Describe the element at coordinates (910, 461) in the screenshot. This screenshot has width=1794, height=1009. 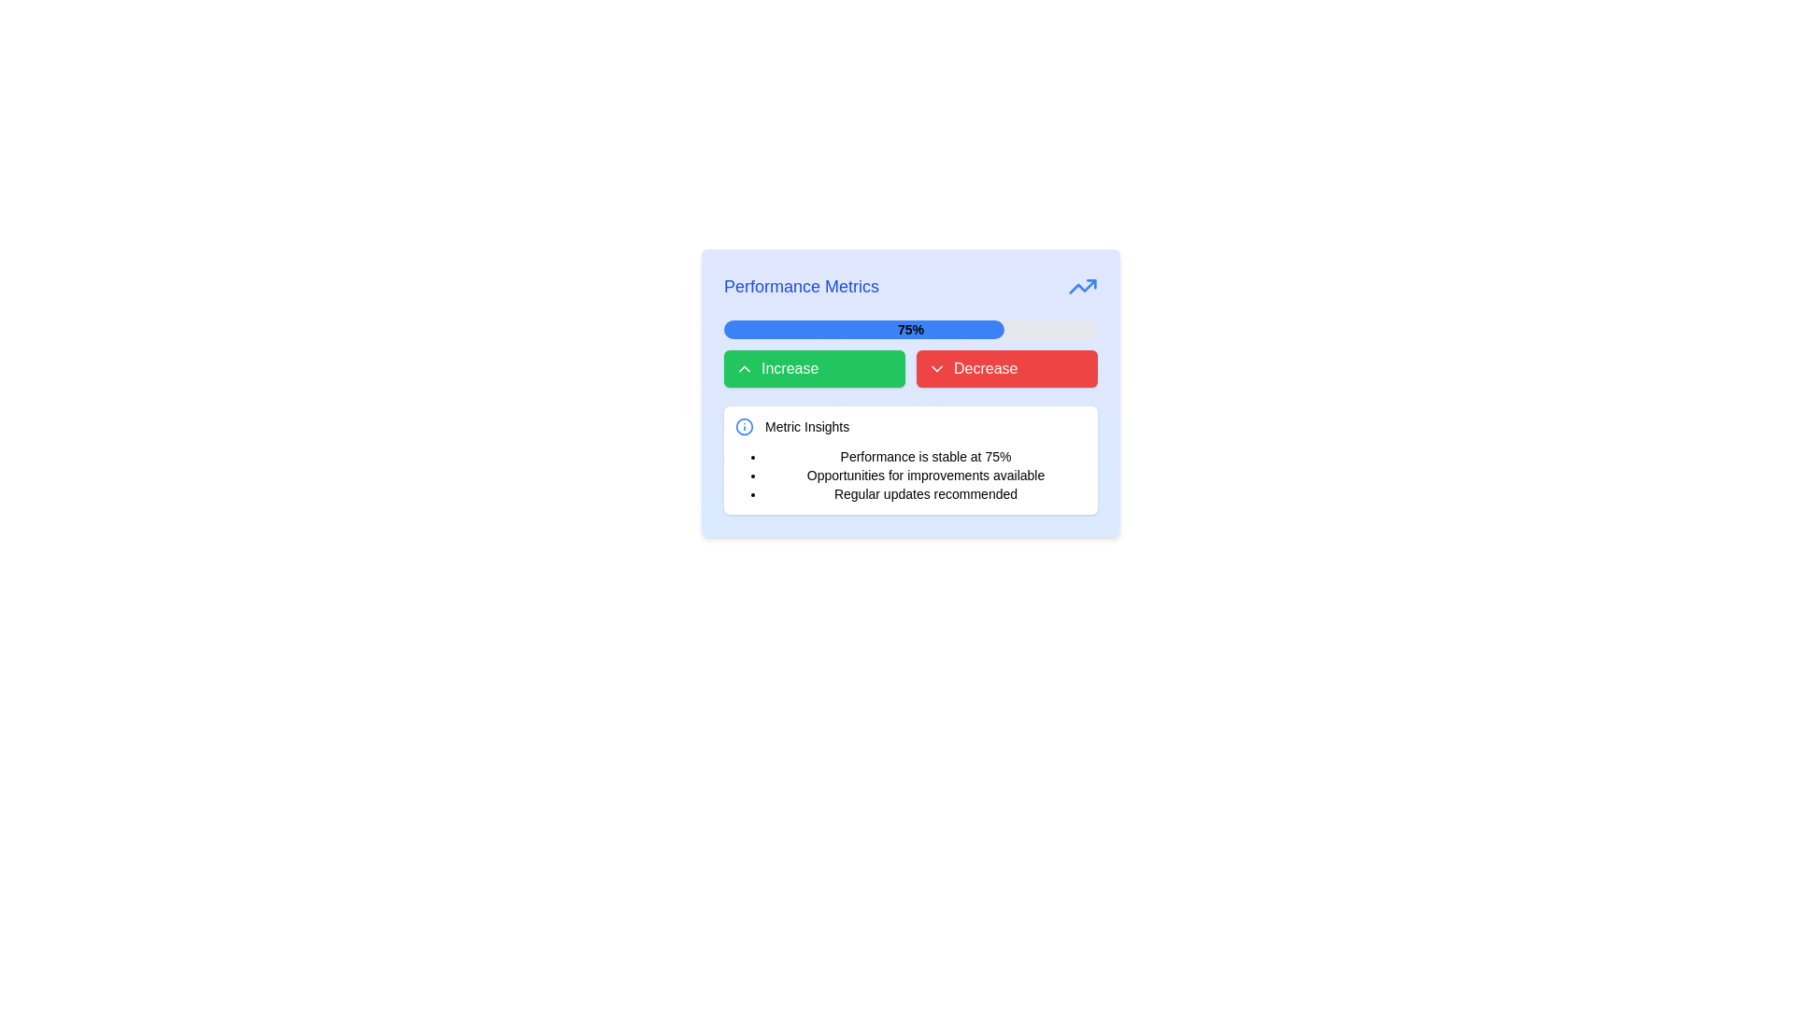
I see `the 'Metric Insights' informational panel located at the bottom of the 'Performance Metrics' card to interpret the insights provided` at that location.